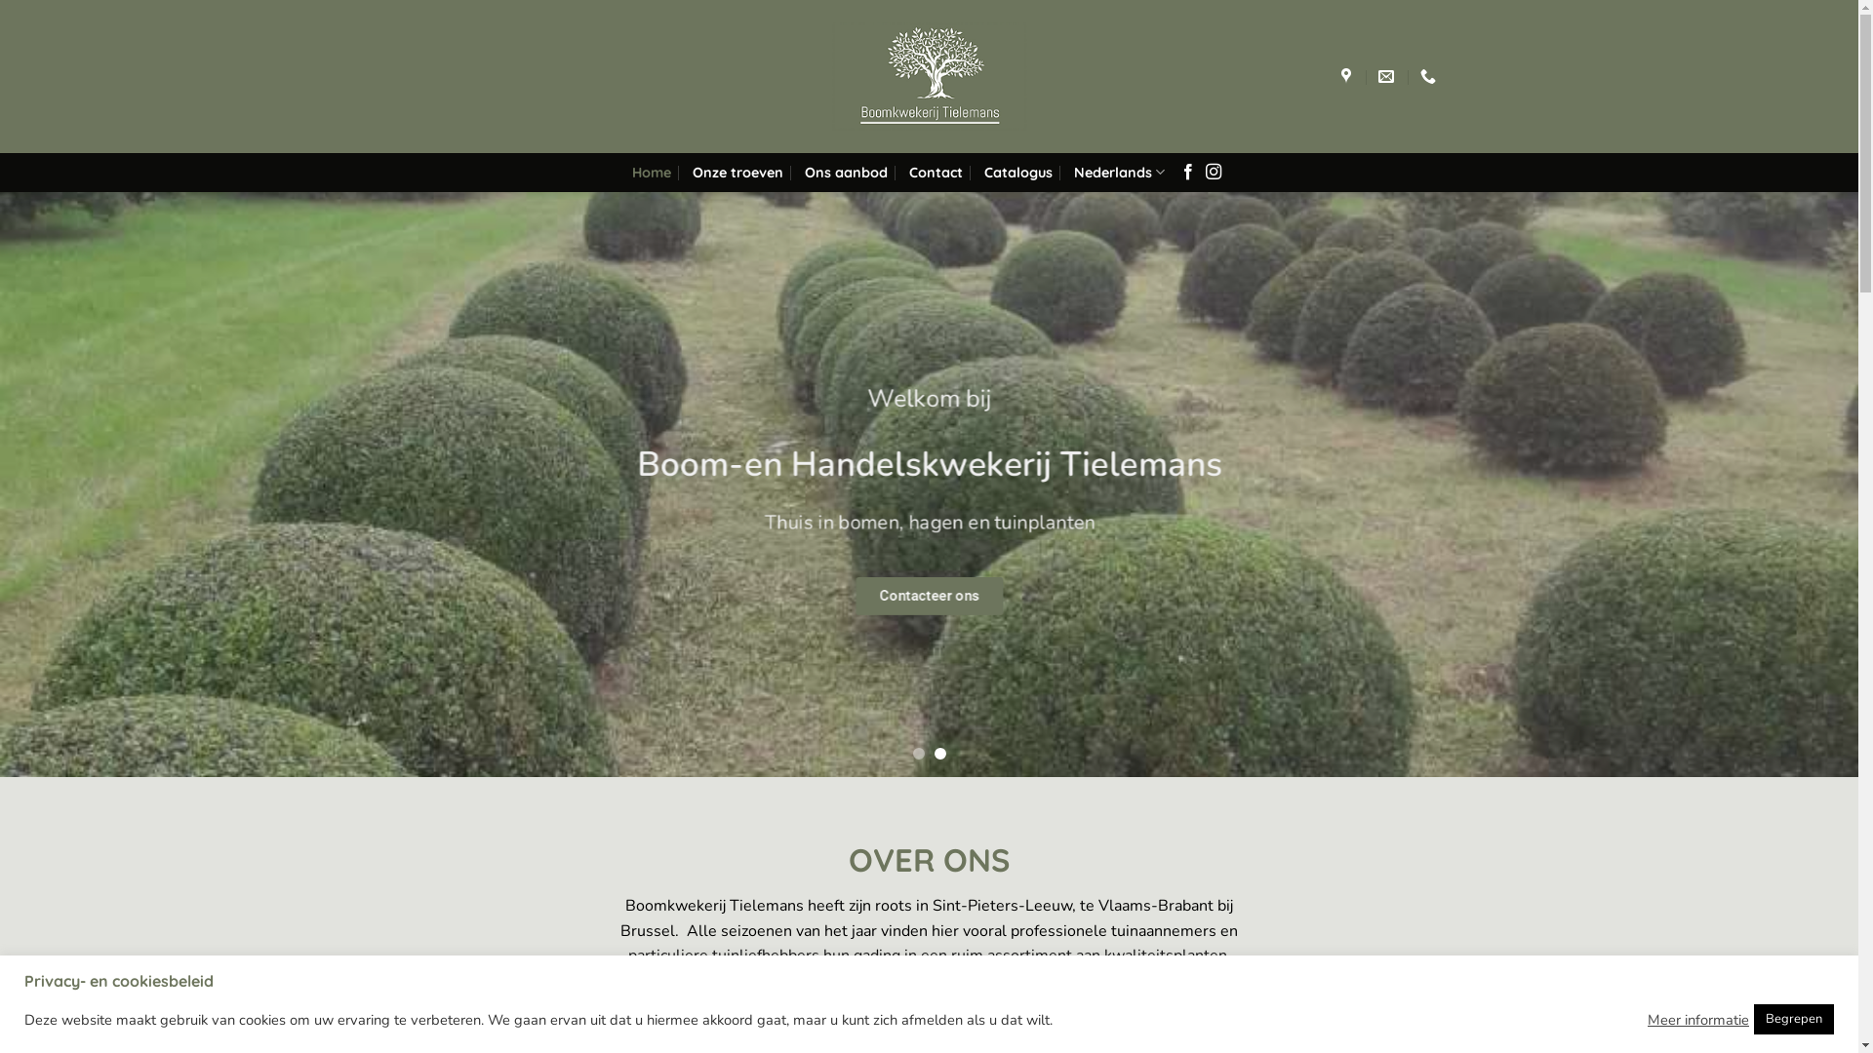 The image size is (1873, 1053). What do you see at coordinates (927, 75) in the screenshot?
I see `'boomkwekerijtielemans - Boomkwekerijtielemans'` at bounding box center [927, 75].